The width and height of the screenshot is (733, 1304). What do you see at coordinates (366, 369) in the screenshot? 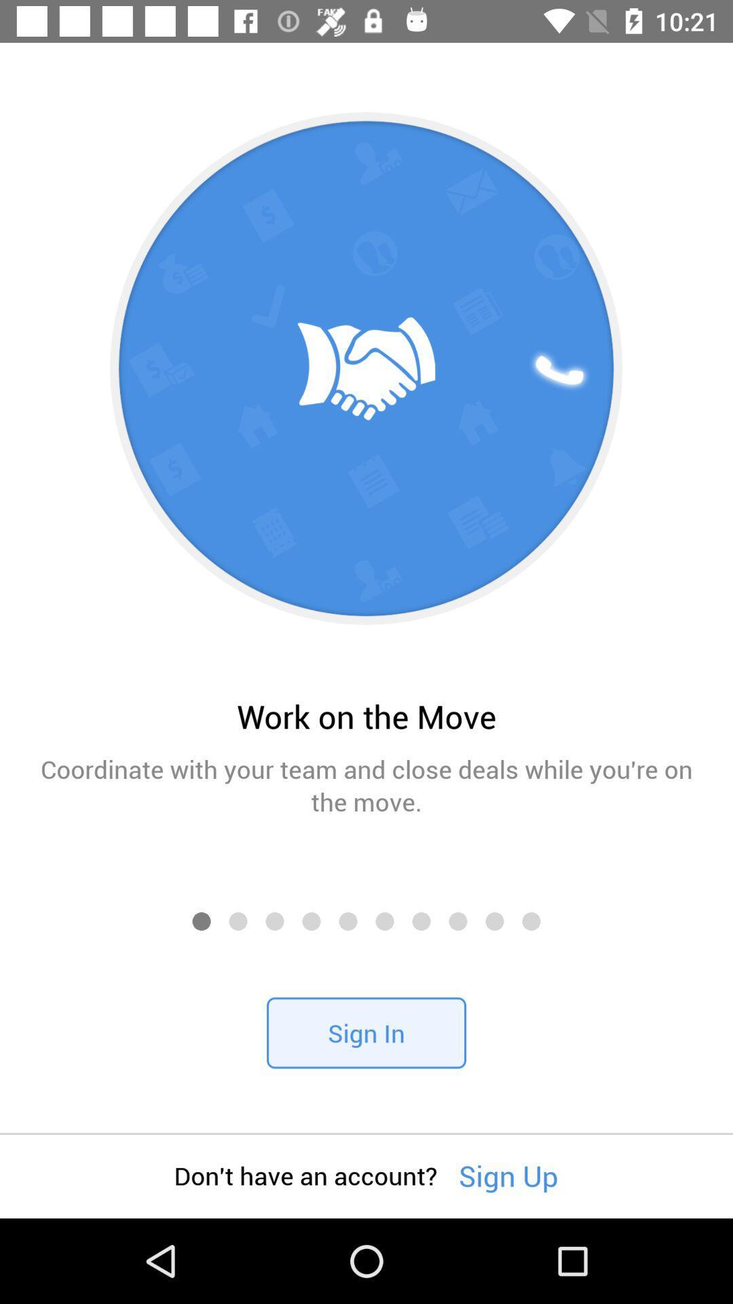
I see `the first image on the web page` at bounding box center [366, 369].